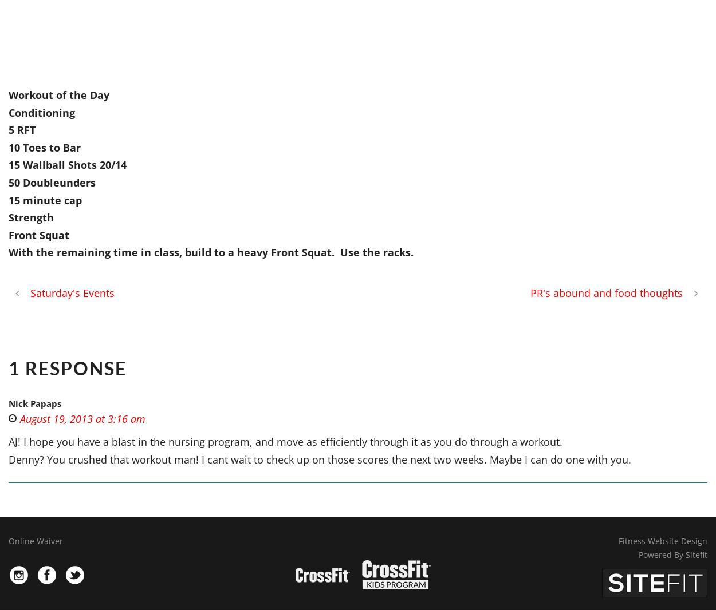 Image resolution: width=716 pixels, height=610 pixels. Describe the element at coordinates (607, 292) in the screenshot. I see `'PR's abound and food thoughts'` at that location.